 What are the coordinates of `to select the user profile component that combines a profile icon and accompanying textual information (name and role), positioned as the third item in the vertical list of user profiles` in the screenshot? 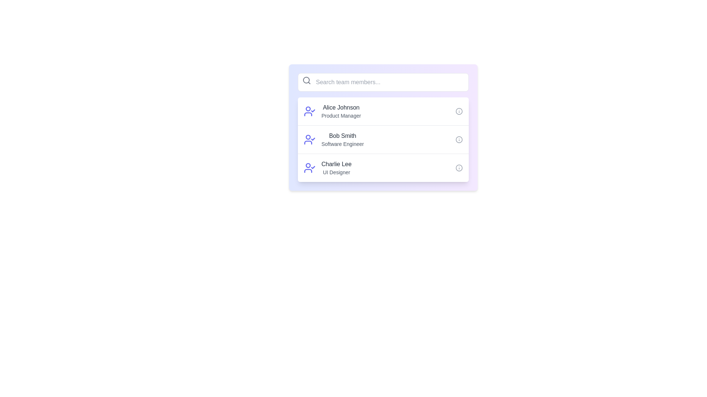 It's located at (327, 168).